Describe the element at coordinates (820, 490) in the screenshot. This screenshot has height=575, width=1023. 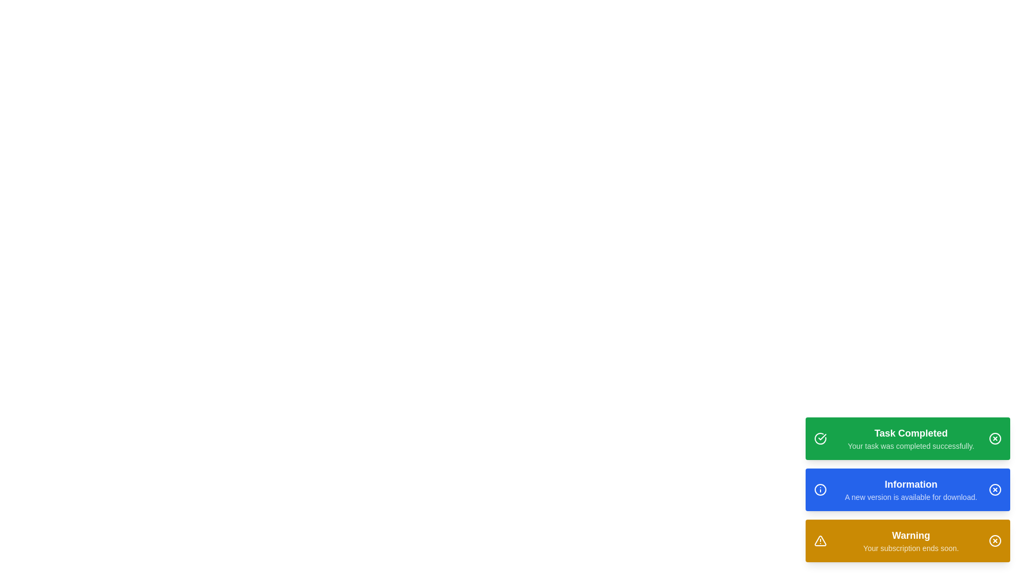
I see `the circular icon with an information symbol styled in white on a blue background, located to the left of the 'Information' text in the middle notification bar` at that location.